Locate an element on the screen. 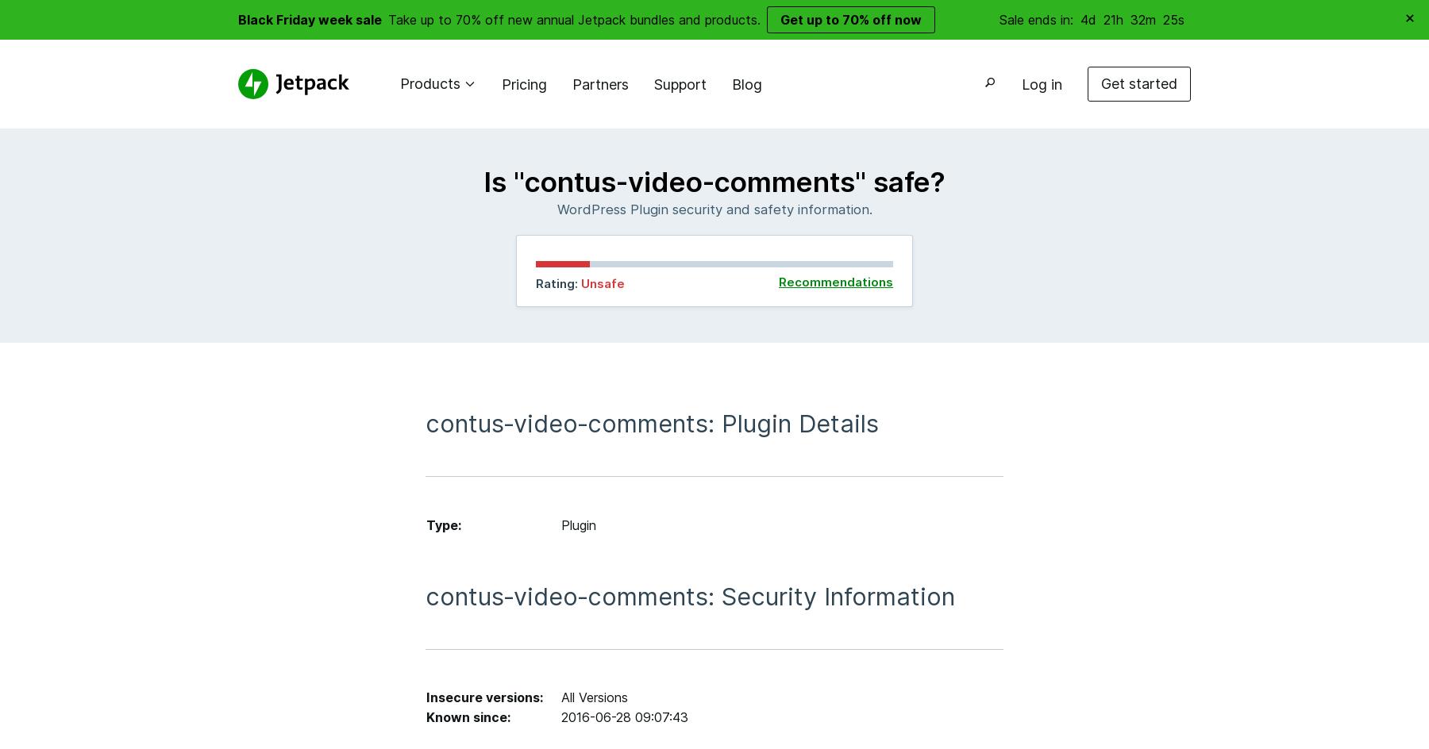  'contus‑video‑comments: Security Information' is located at coordinates (690, 595).